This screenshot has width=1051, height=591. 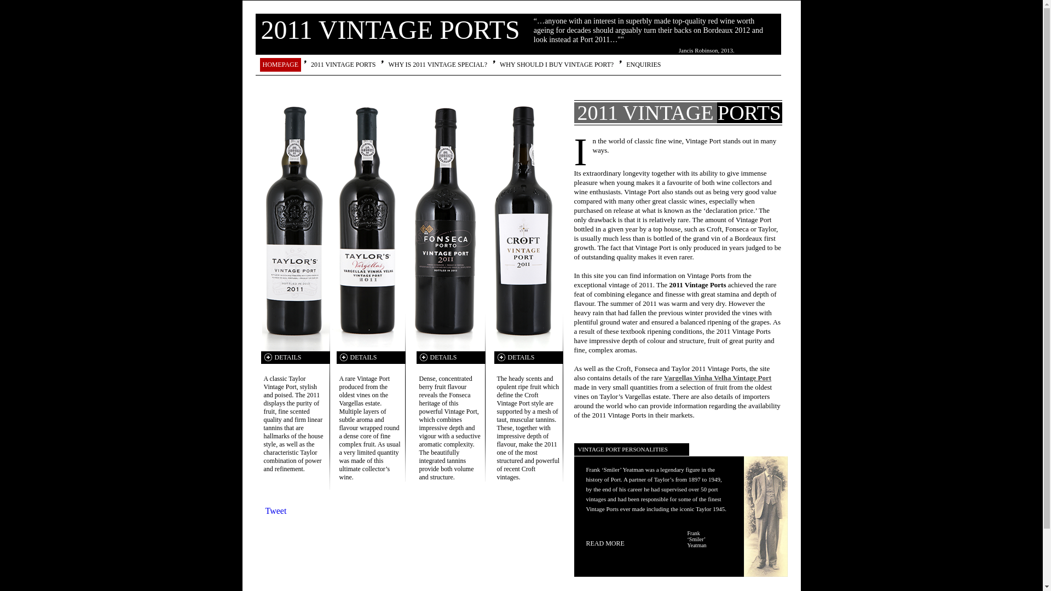 What do you see at coordinates (343, 65) in the screenshot?
I see `'2011 VINTAGE PORTS'` at bounding box center [343, 65].